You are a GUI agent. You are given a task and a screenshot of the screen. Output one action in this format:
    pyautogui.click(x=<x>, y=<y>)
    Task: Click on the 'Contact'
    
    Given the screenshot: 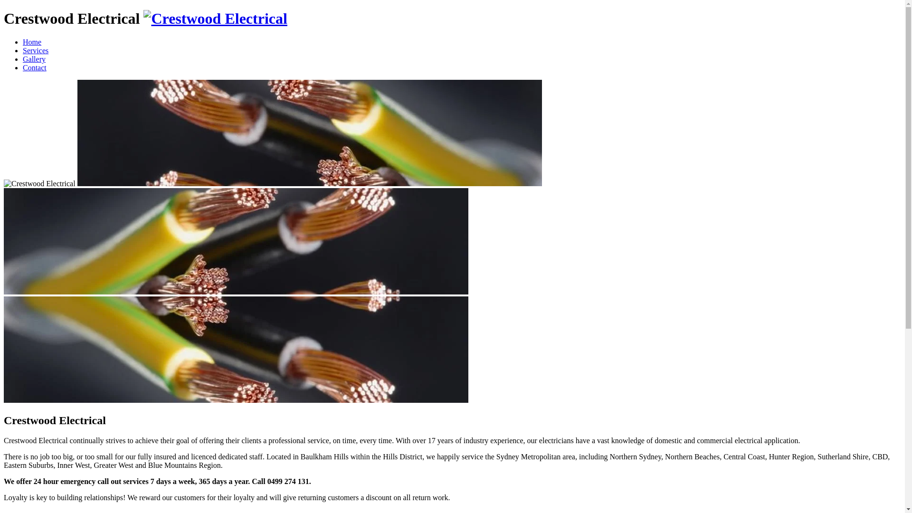 What is the action you would take?
    pyautogui.click(x=34, y=67)
    